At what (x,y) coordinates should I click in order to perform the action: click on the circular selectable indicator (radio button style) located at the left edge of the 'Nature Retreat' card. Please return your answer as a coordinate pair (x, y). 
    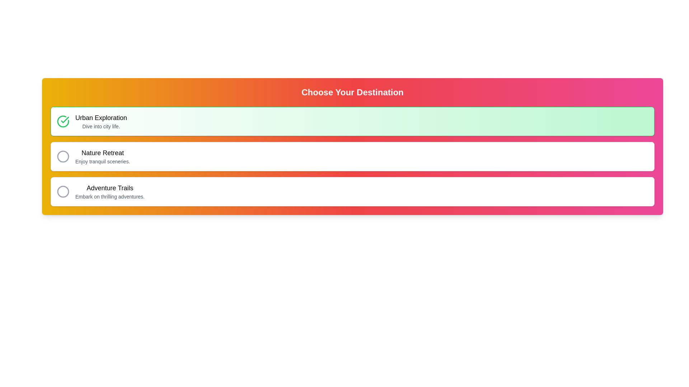
    Looking at the image, I should click on (63, 156).